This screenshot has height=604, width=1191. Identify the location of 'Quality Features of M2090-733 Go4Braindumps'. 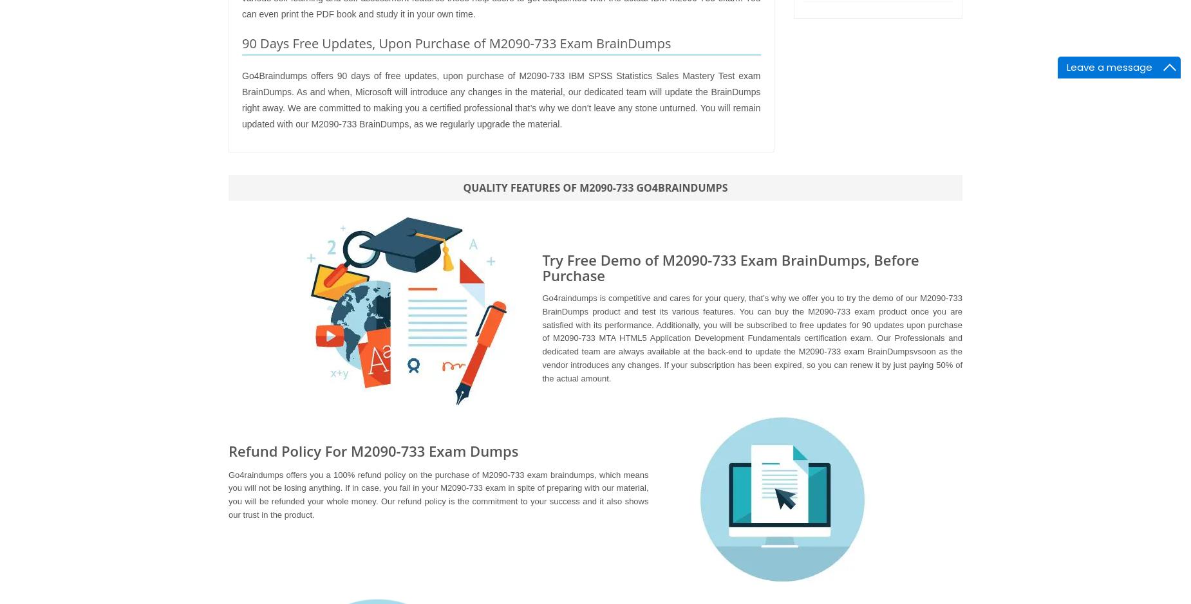
(595, 187).